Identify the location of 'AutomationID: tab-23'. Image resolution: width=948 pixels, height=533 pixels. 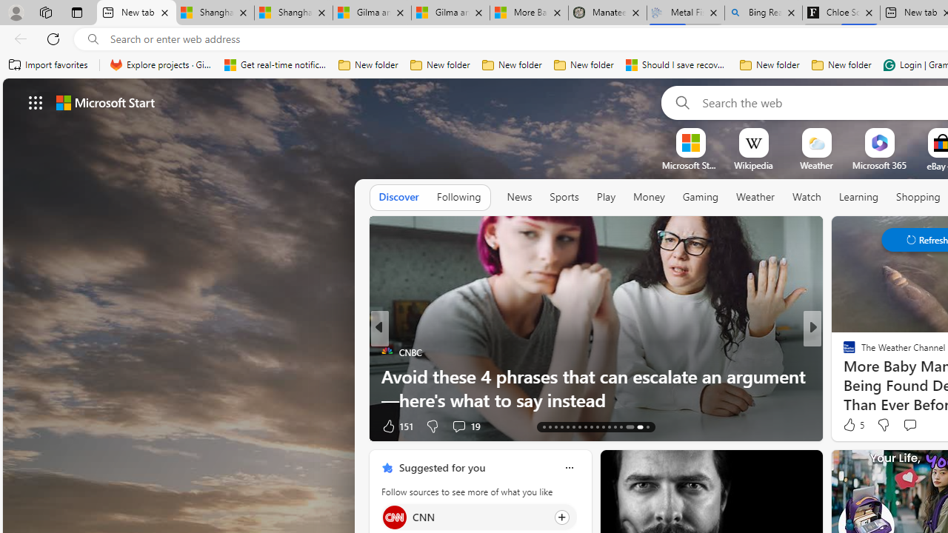
(603, 427).